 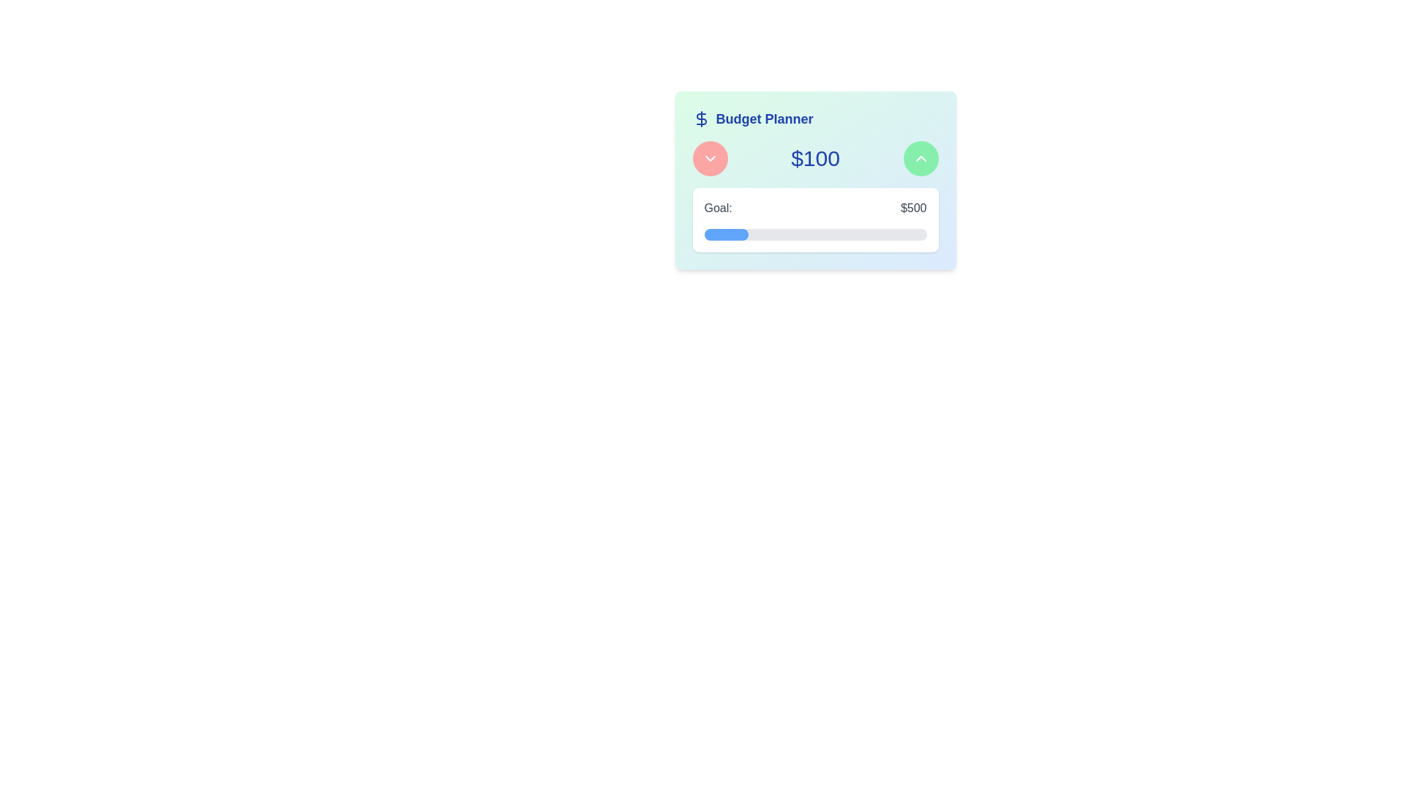 What do you see at coordinates (913, 208) in the screenshot?
I see `the static text displaying the value '$500', which is located to the right of the label 'Goal:' within a card interface` at bounding box center [913, 208].